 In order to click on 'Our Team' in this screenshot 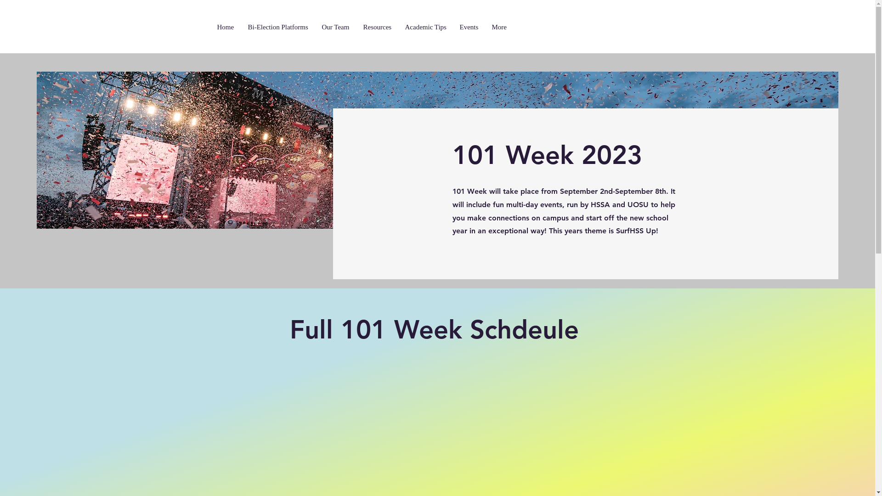, I will do `click(337, 27)`.